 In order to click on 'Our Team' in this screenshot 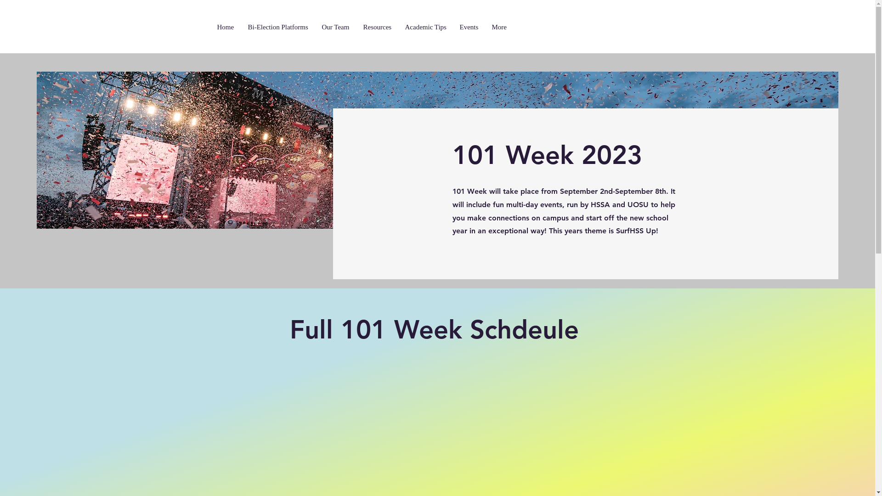, I will do `click(337, 27)`.